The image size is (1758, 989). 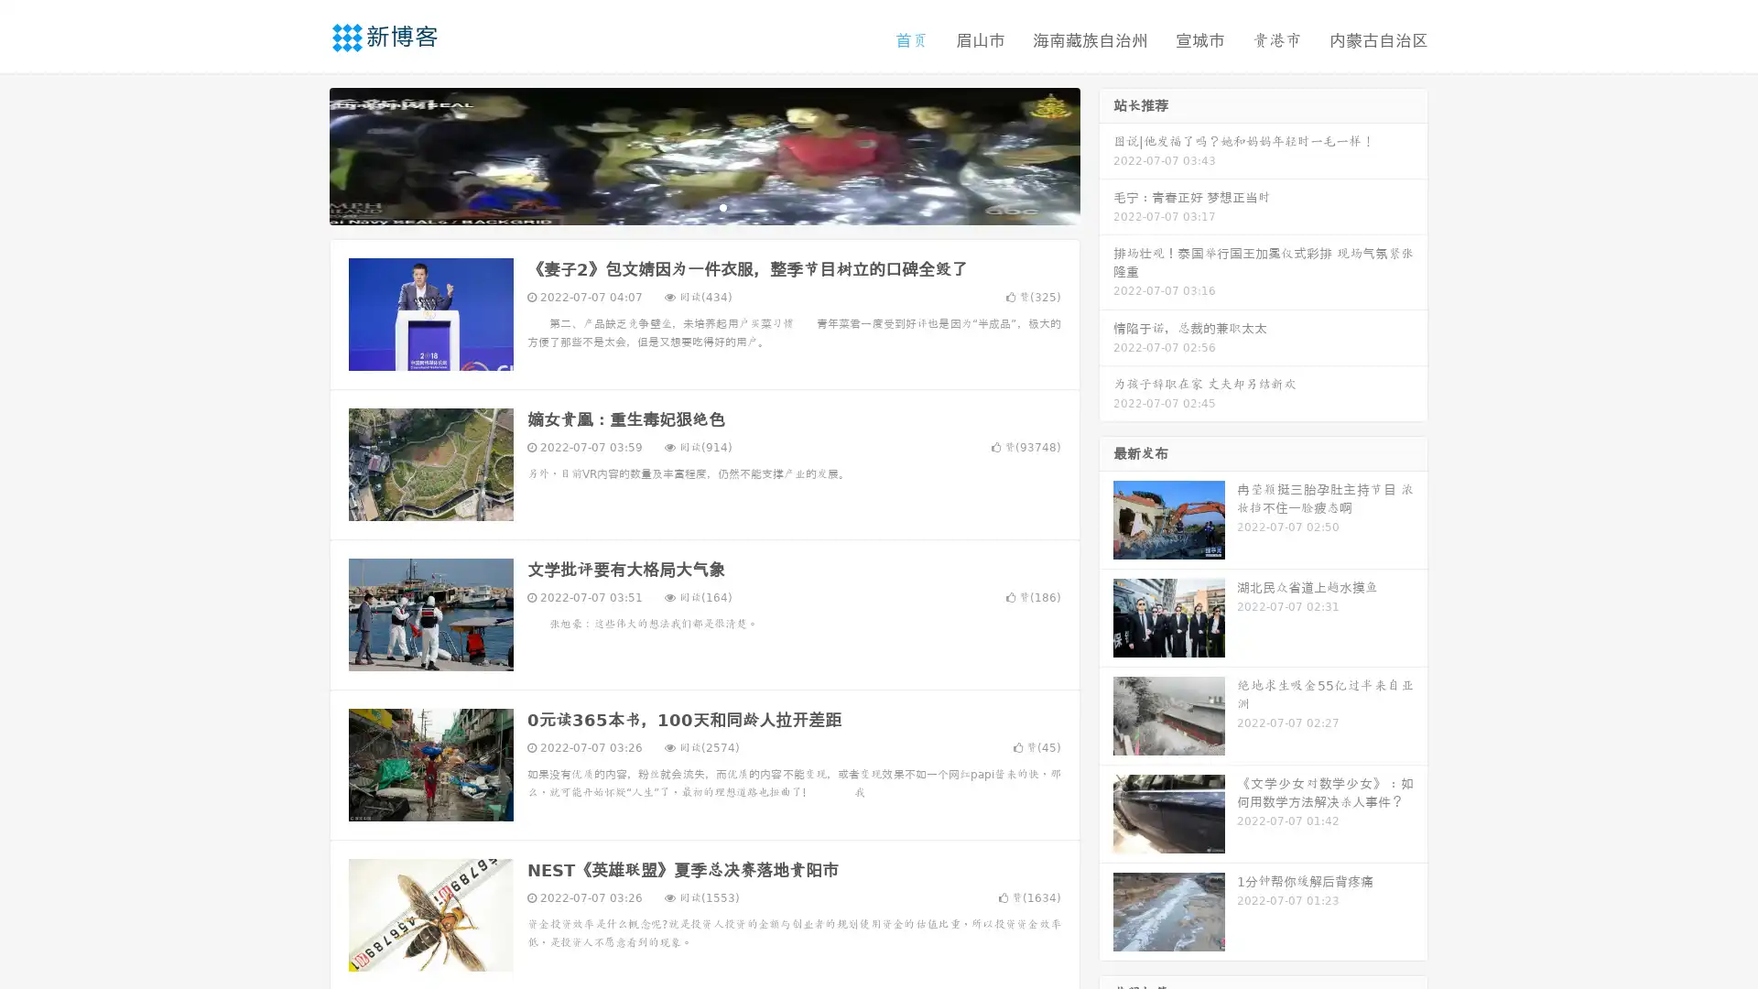 What do you see at coordinates (722, 206) in the screenshot?
I see `Go to slide 3` at bounding box center [722, 206].